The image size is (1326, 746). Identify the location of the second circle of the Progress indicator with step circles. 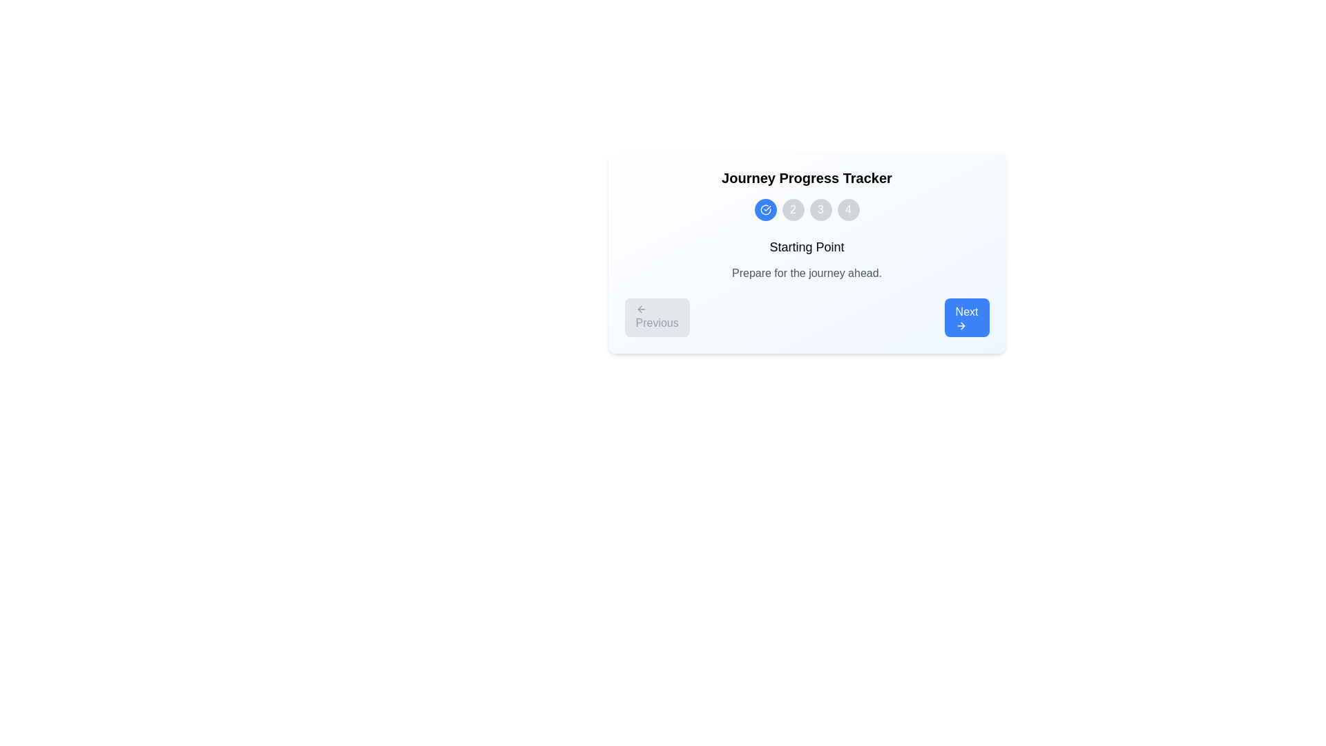
(807, 210).